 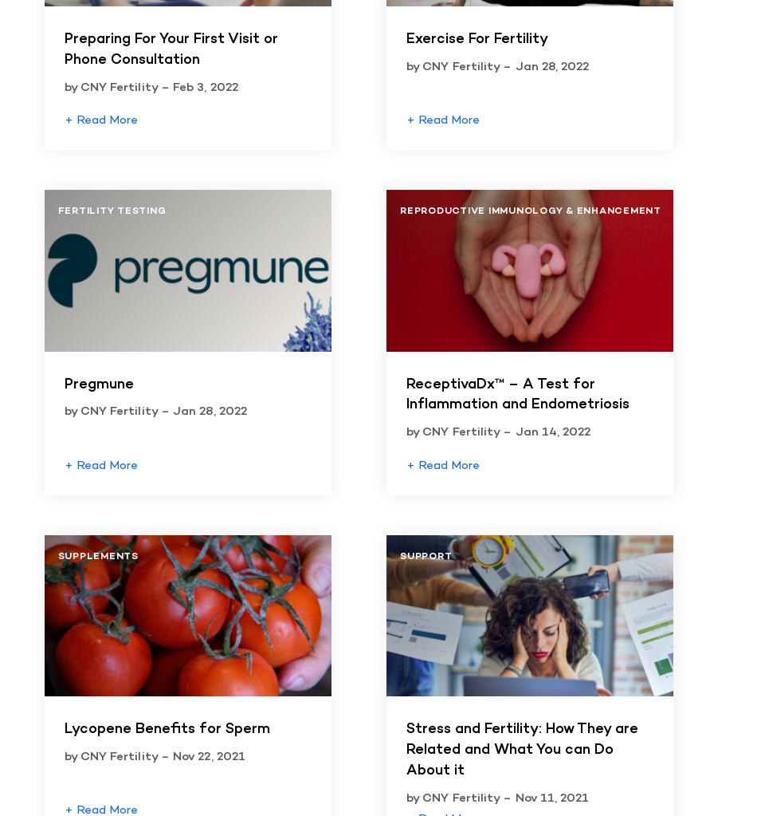 I want to click on 'Jan 14, 2022', so click(x=552, y=431).